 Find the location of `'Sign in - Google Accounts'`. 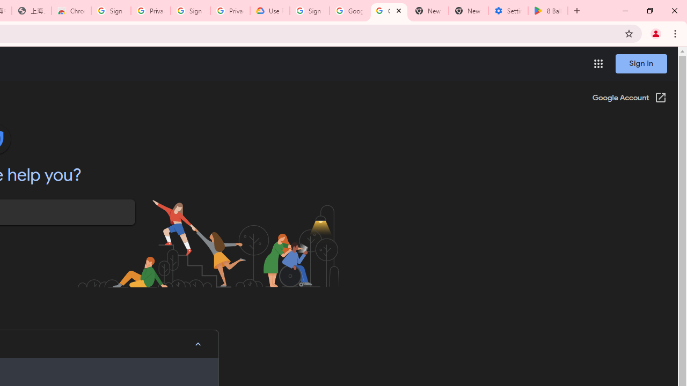

'Sign in - Google Accounts' is located at coordinates (309, 11).